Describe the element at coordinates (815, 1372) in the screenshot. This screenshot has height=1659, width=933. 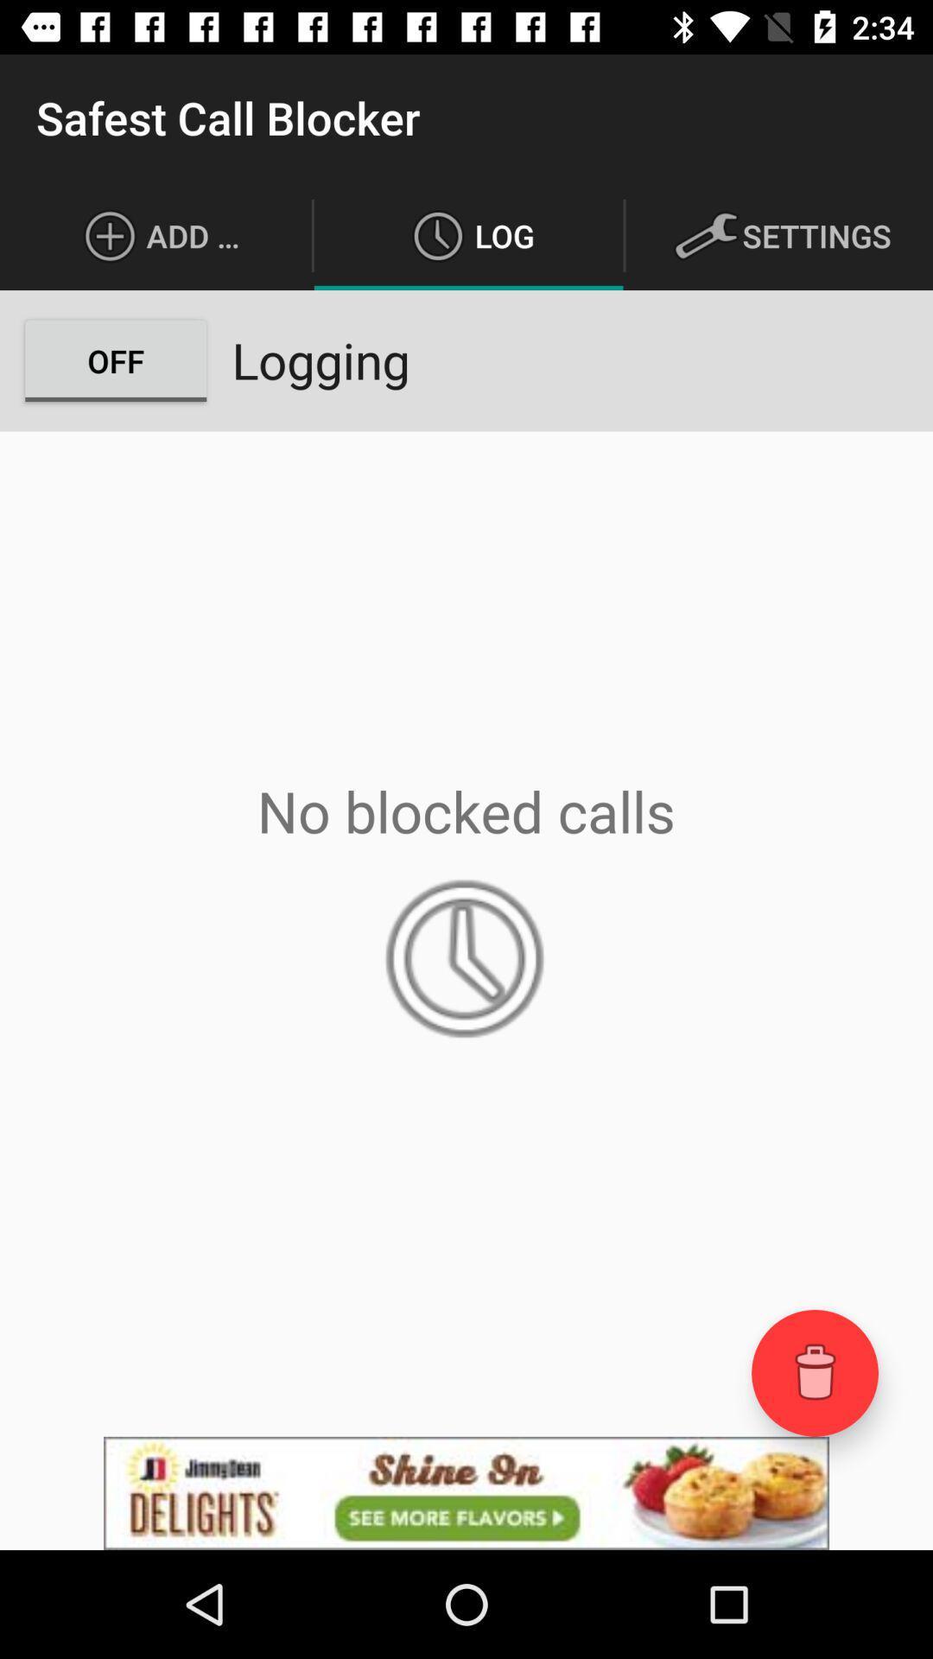
I see `open trash` at that location.